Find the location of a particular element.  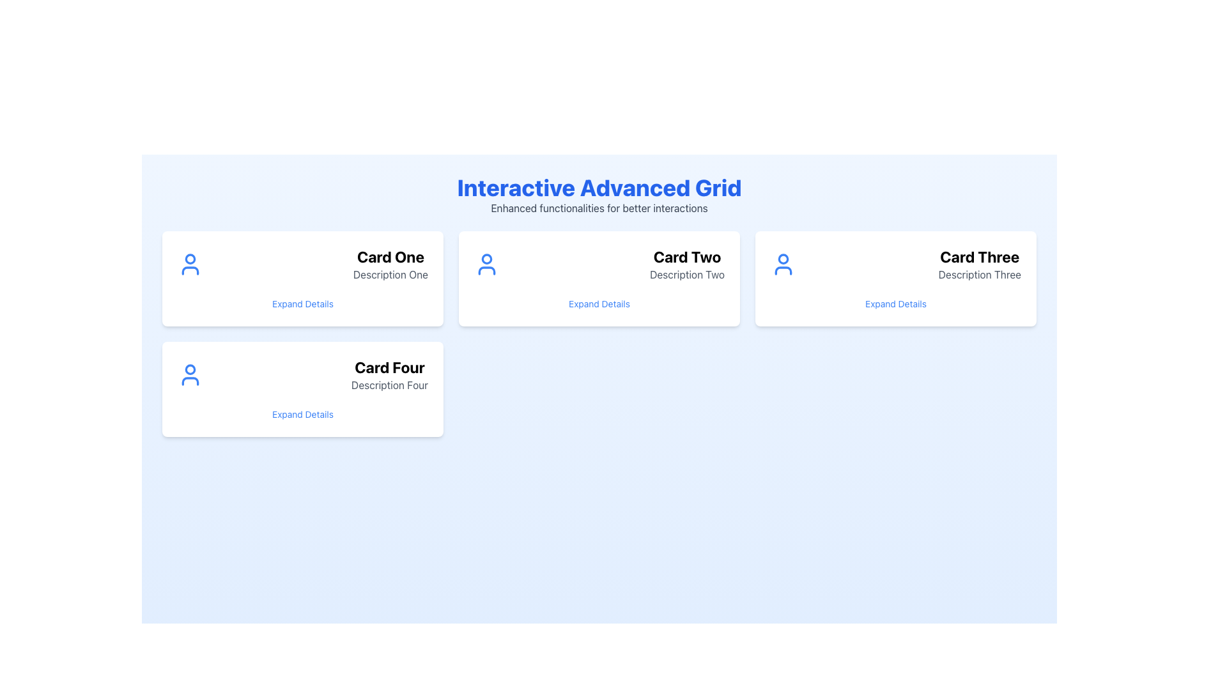

the Text Display element which serves as the heading and subheading for the grid layout, located at the top of the interface is located at coordinates (598, 195).